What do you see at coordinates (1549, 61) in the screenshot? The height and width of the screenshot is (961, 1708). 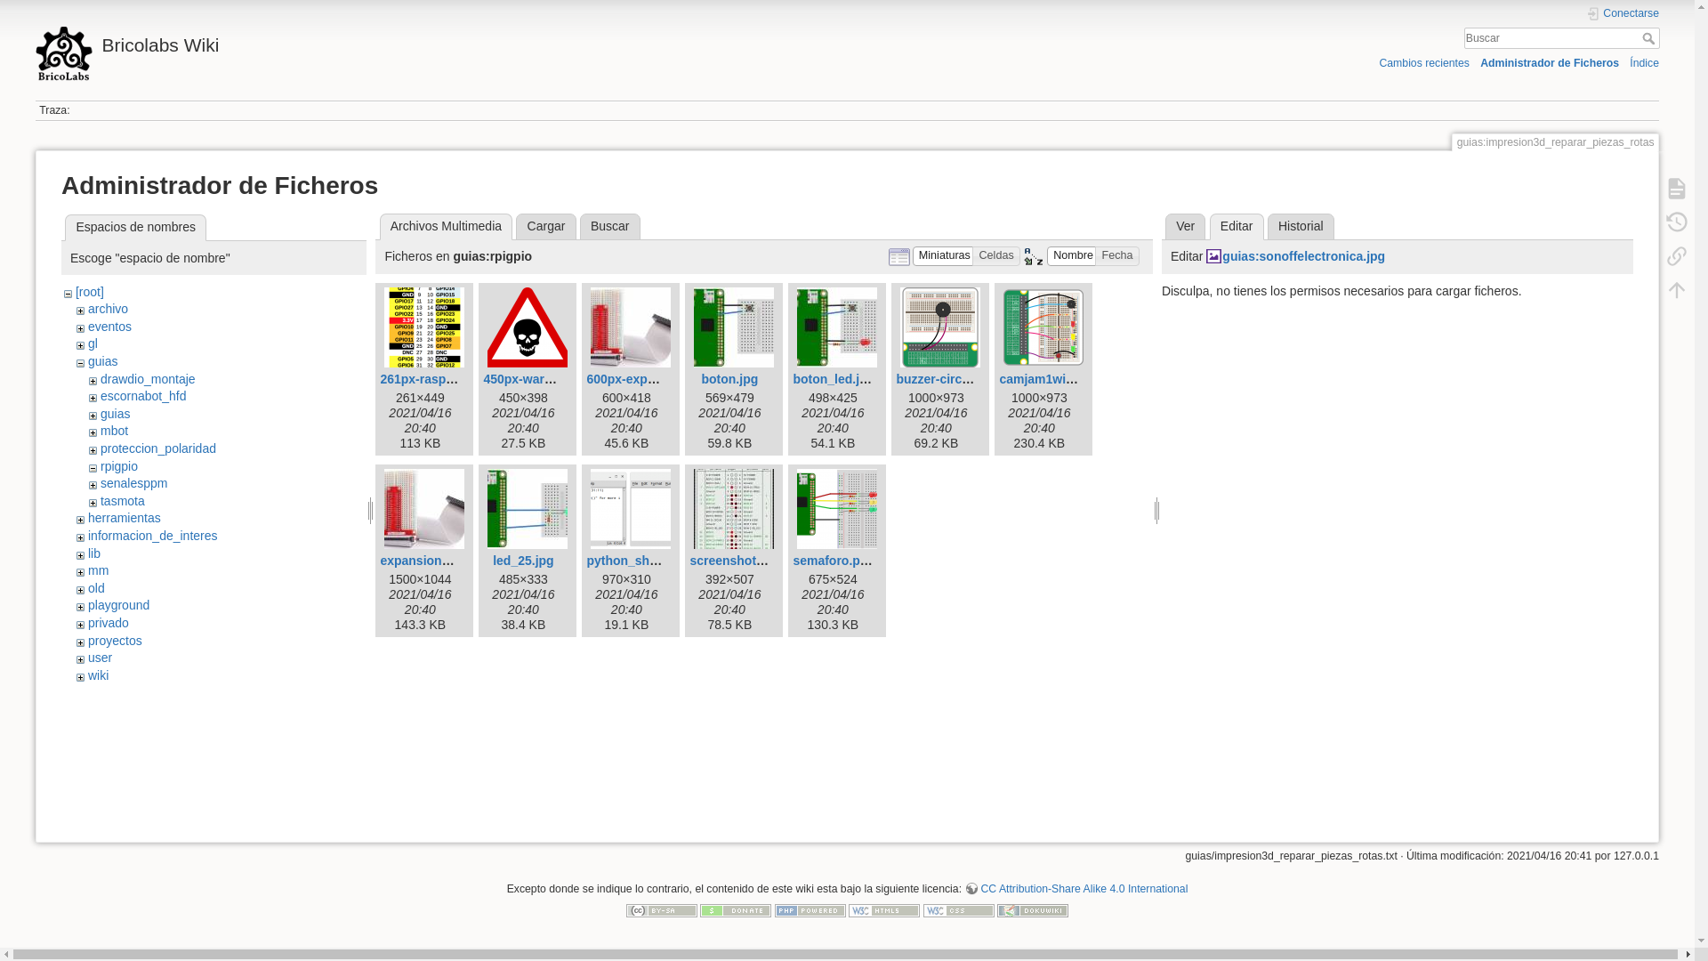 I see `'Administrador de Ficheros'` at bounding box center [1549, 61].